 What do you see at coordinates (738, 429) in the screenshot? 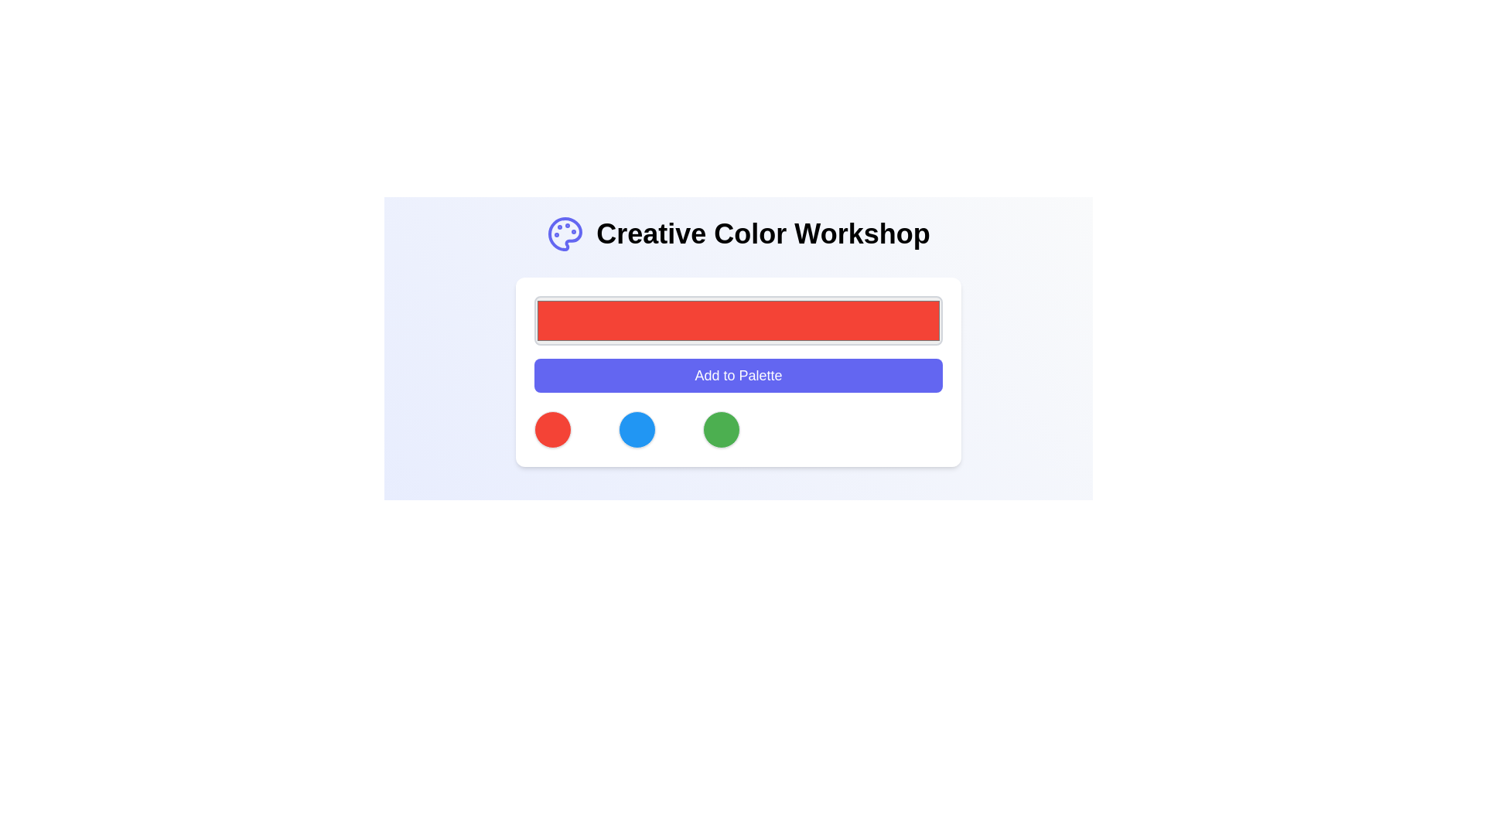
I see `the individual circular button in the row of three circular buttons, which are colored red, blue, and green` at bounding box center [738, 429].